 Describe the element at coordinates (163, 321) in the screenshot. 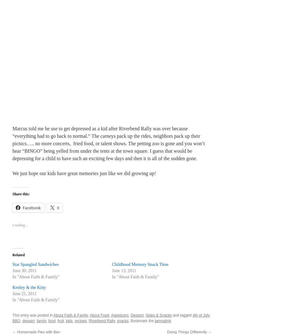

I see `'permalink'` at that location.